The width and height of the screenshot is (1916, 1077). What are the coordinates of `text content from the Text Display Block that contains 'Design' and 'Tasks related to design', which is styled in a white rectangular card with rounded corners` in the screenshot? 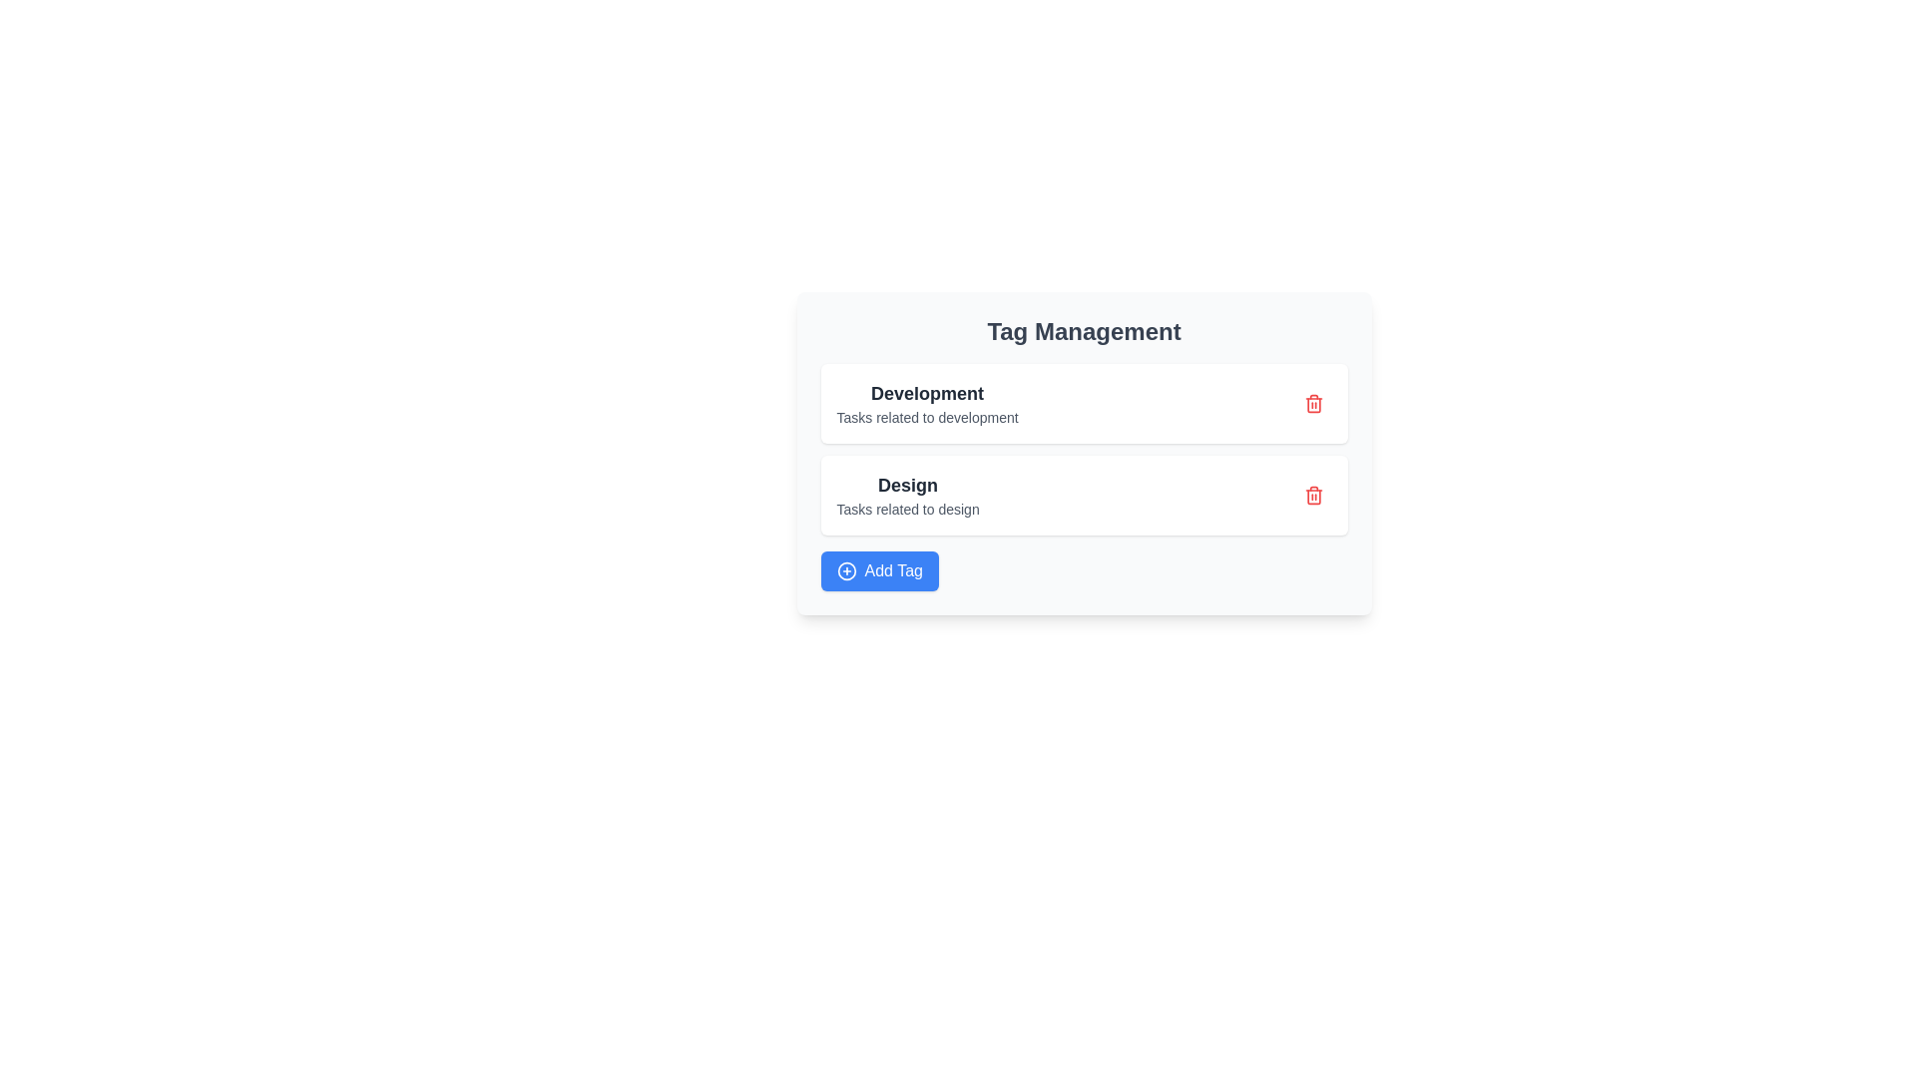 It's located at (907, 495).